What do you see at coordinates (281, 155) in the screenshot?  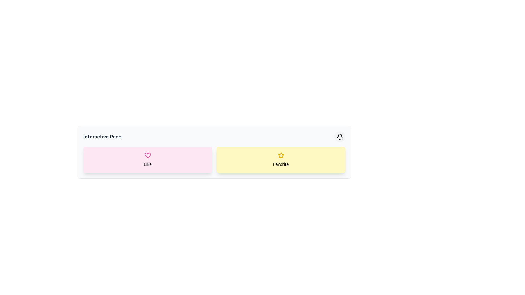 I see `the star icon located at the center of the yellow 'Favorite' button, which visually indicates marking something as a favorite` at bounding box center [281, 155].